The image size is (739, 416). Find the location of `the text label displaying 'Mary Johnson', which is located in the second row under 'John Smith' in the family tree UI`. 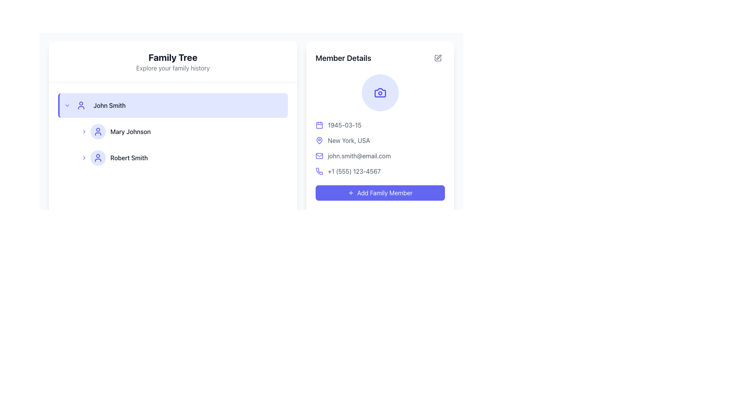

the text label displaying 'Mary Johnson', which is located in the second row under 'John Smith' in the family tree UI is located at coordinates (130, 131).